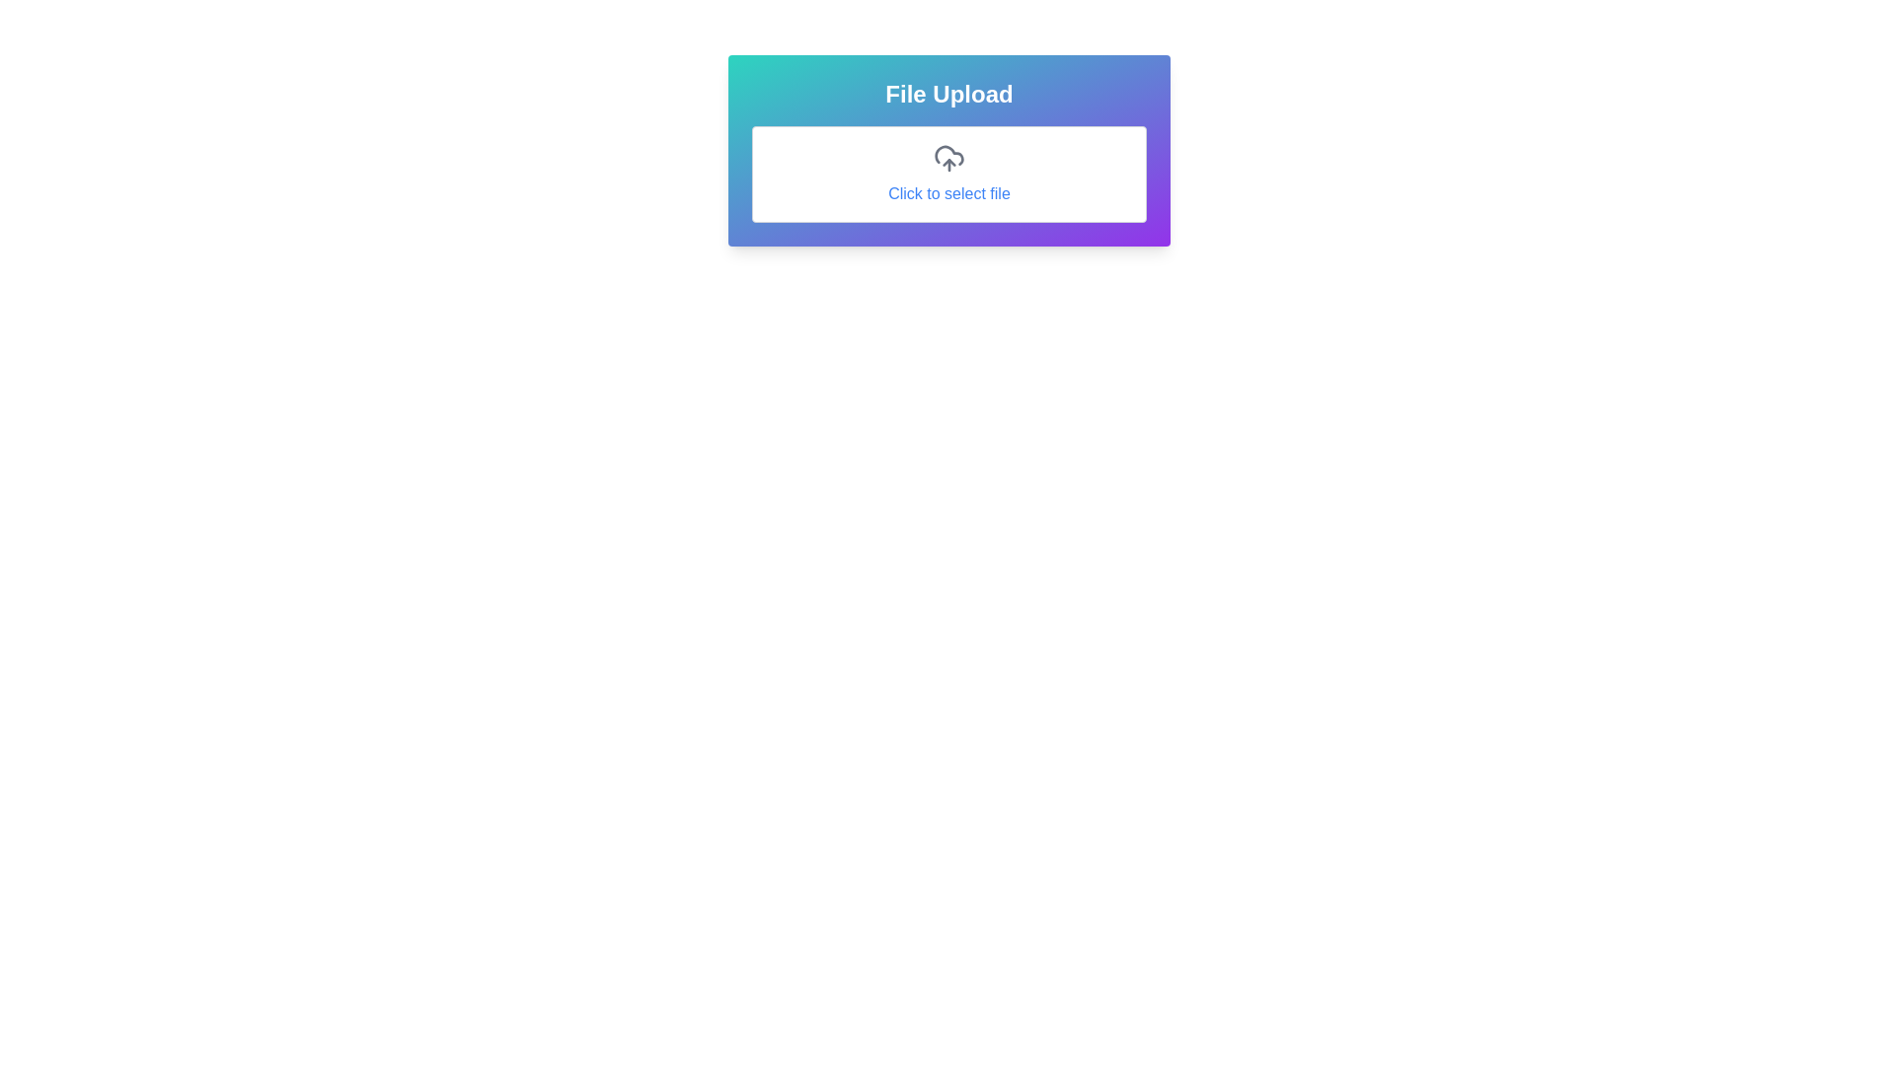 This screenshot has height=1065, width=1895. What do you see at coordinates (948, 193) in the screenshot?
I see `the blue text link reading 'Click` at bounding box center [948, 193].